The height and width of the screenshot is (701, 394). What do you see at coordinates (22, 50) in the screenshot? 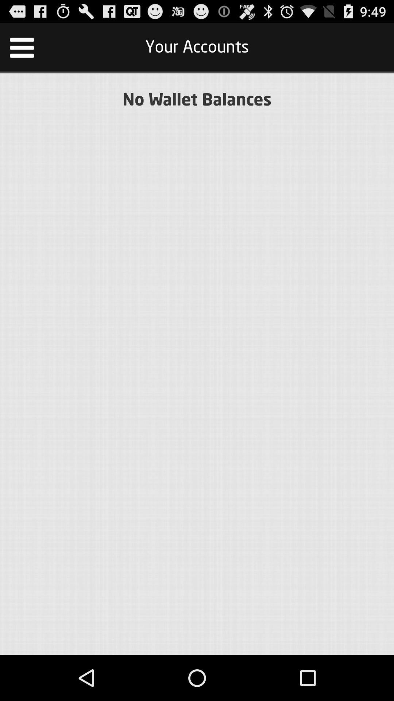
I see `the menu icon` at bounding box center [22, 50].